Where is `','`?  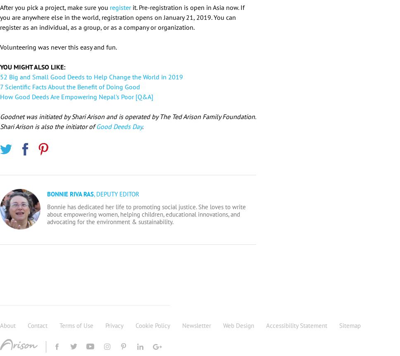 ',' is located at coordinates (94, 193).